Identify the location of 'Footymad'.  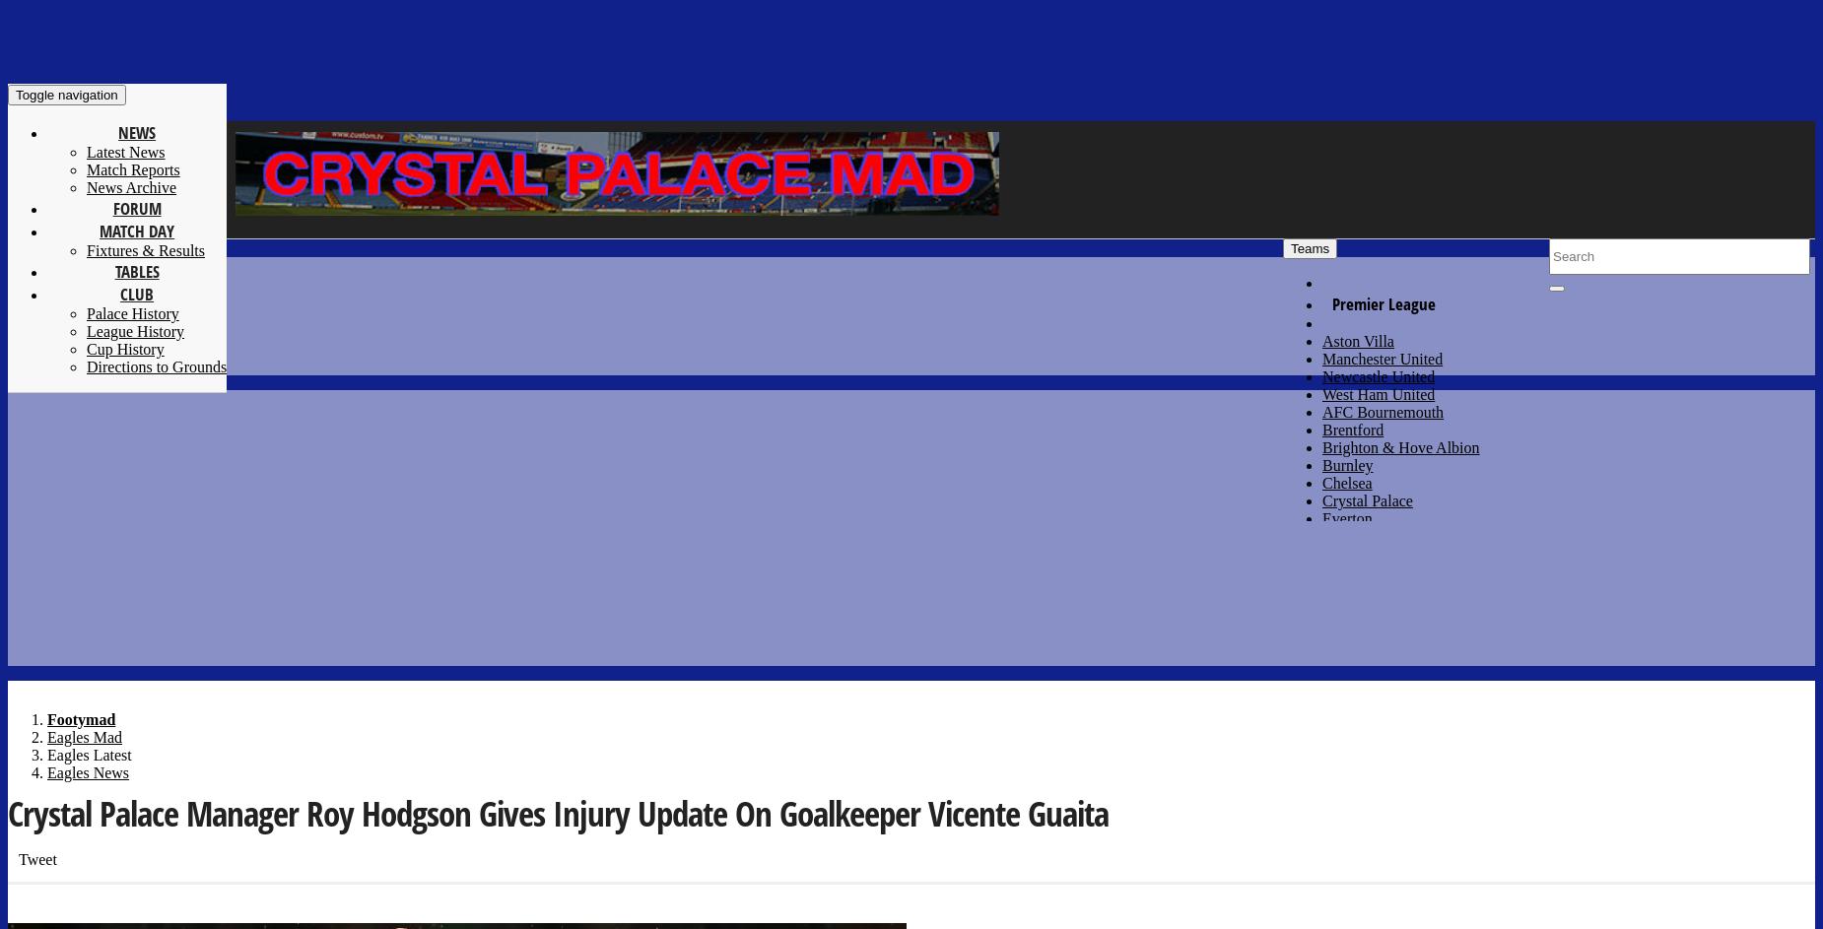
(80, 718).